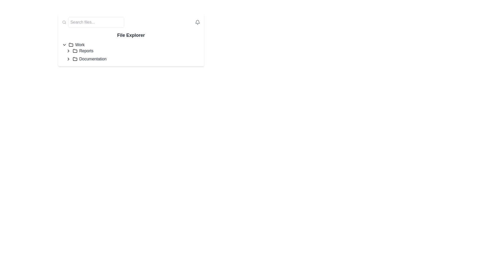  I want to click on the folder icon located directly to the left of the 'Reports' text label, so click(75, 51).